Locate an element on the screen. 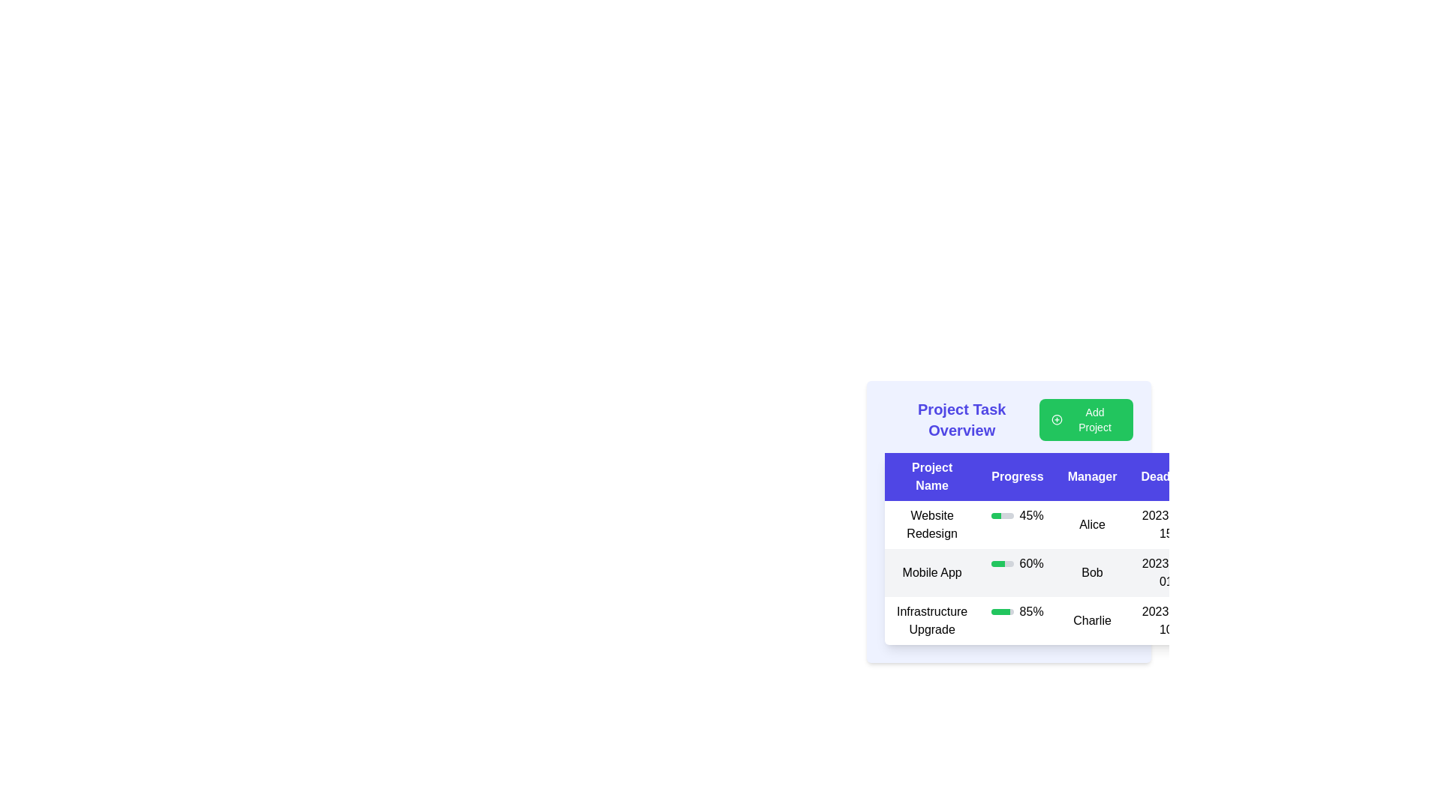 This screenshot has height=810, width=1441. percentage displayed as text from the Progress Indicator showing 85% in the 'Progress' column of the 'Infrastructure Upgrade' row is located at coordinates (1017, 612).